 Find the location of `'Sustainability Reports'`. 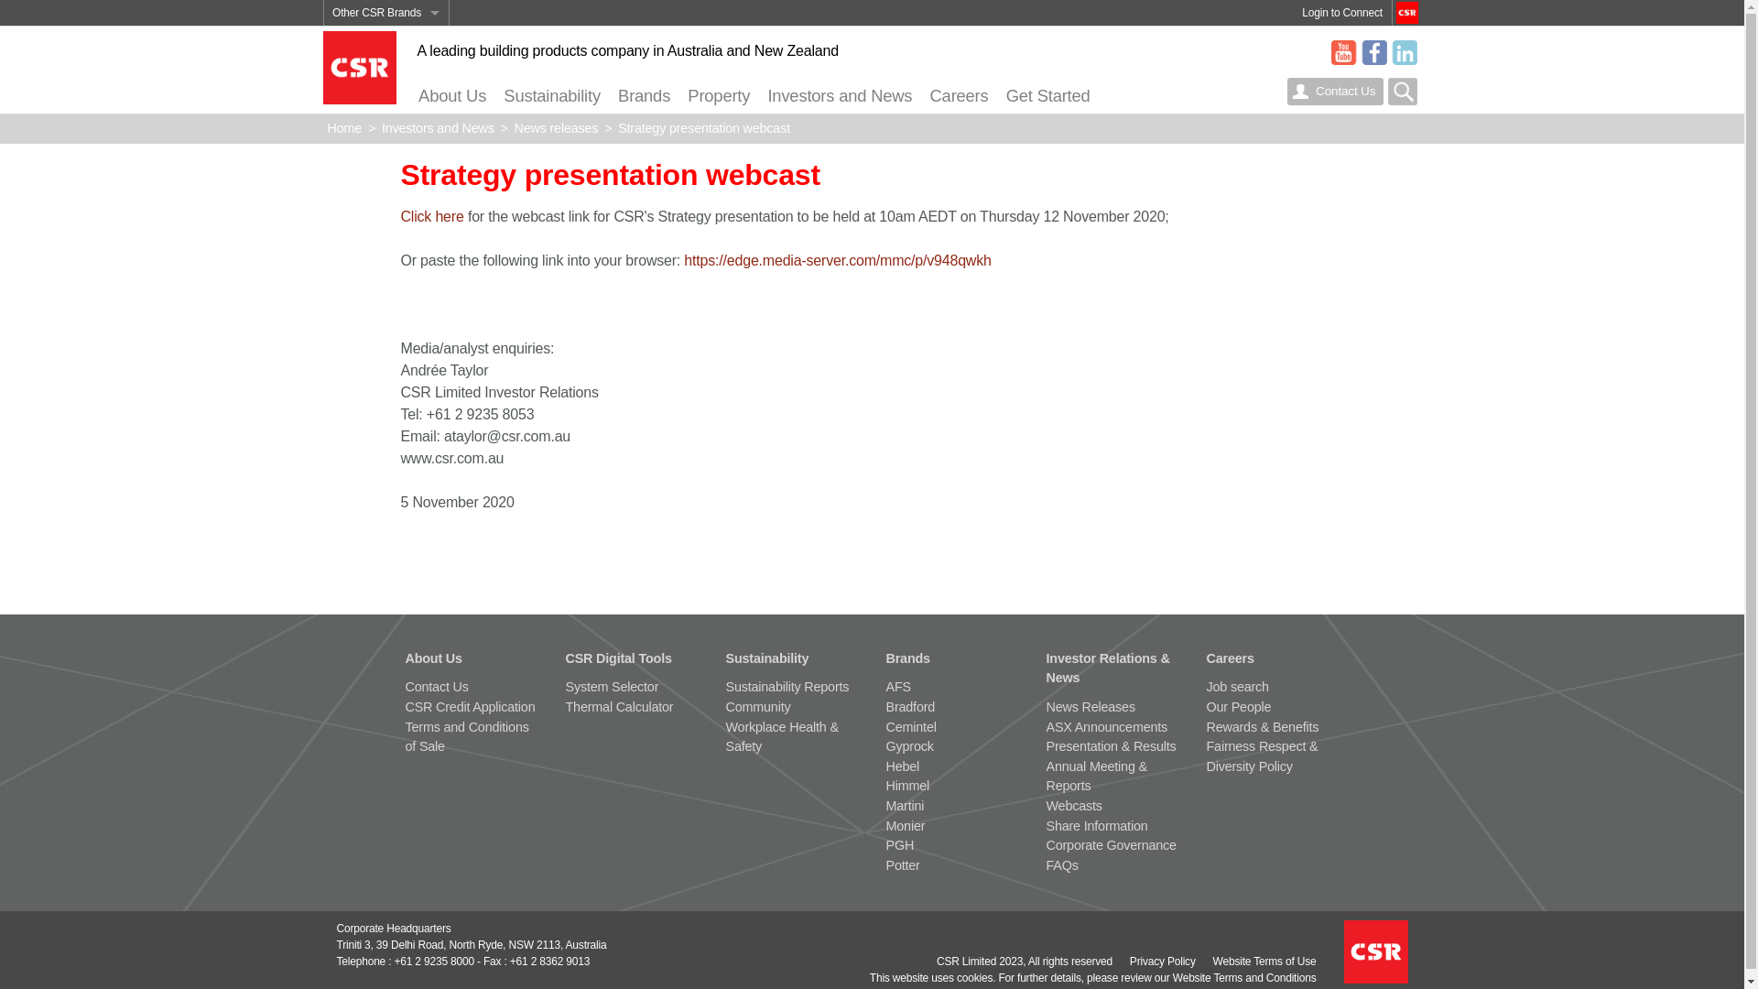

'Sustainability Reports' is located at coordinates (787, 686).